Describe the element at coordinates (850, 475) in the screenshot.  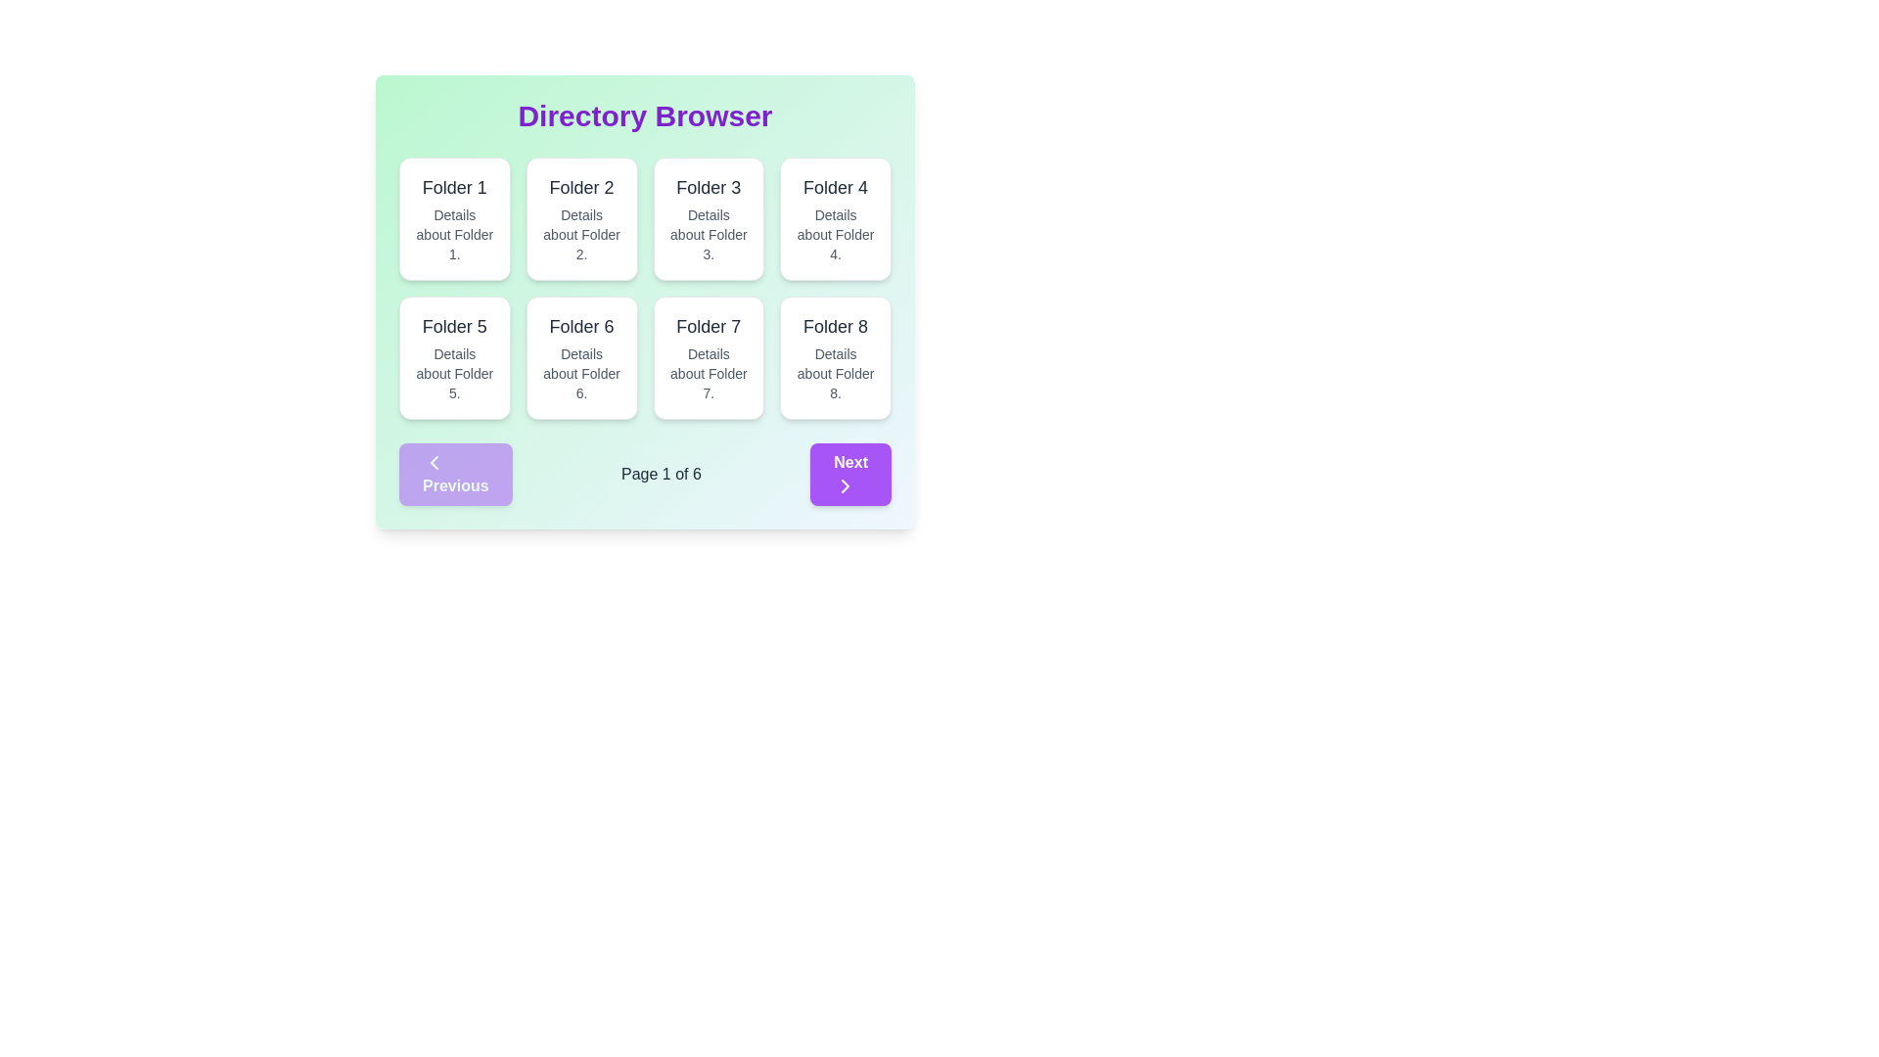
I see `the rectangular 'Next' button with bold white text and a purple background` at that location.